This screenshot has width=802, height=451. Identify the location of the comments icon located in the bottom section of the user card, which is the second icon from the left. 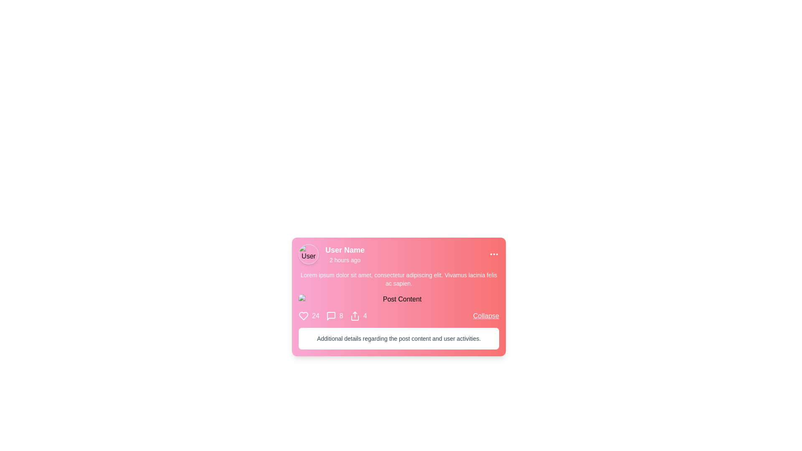
(330, 316).